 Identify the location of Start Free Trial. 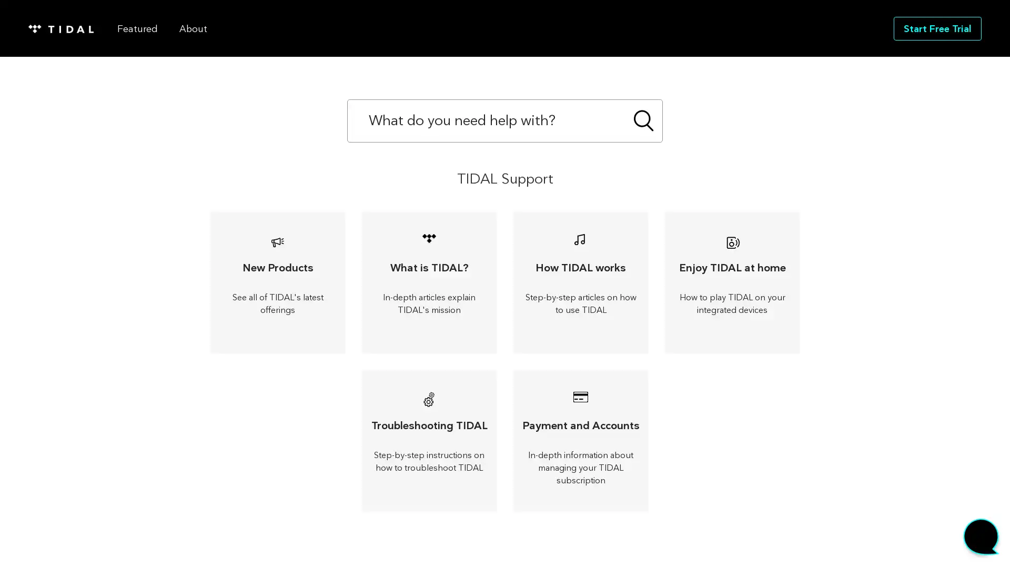
(937, 27).